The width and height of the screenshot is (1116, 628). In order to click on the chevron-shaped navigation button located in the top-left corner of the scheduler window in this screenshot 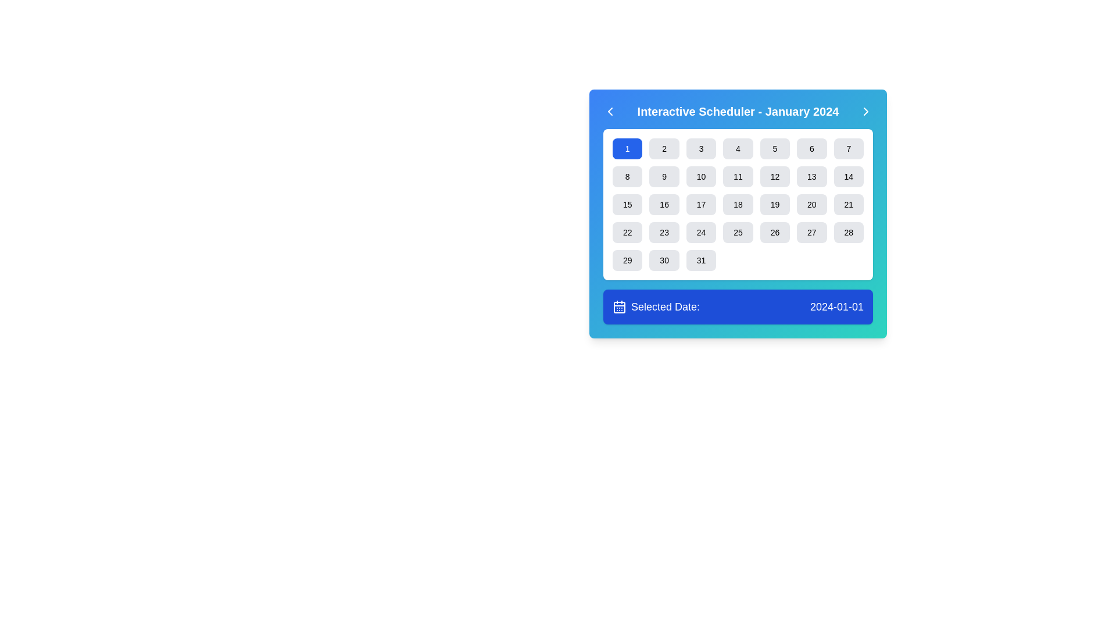, I will do `click(610, 112)`.